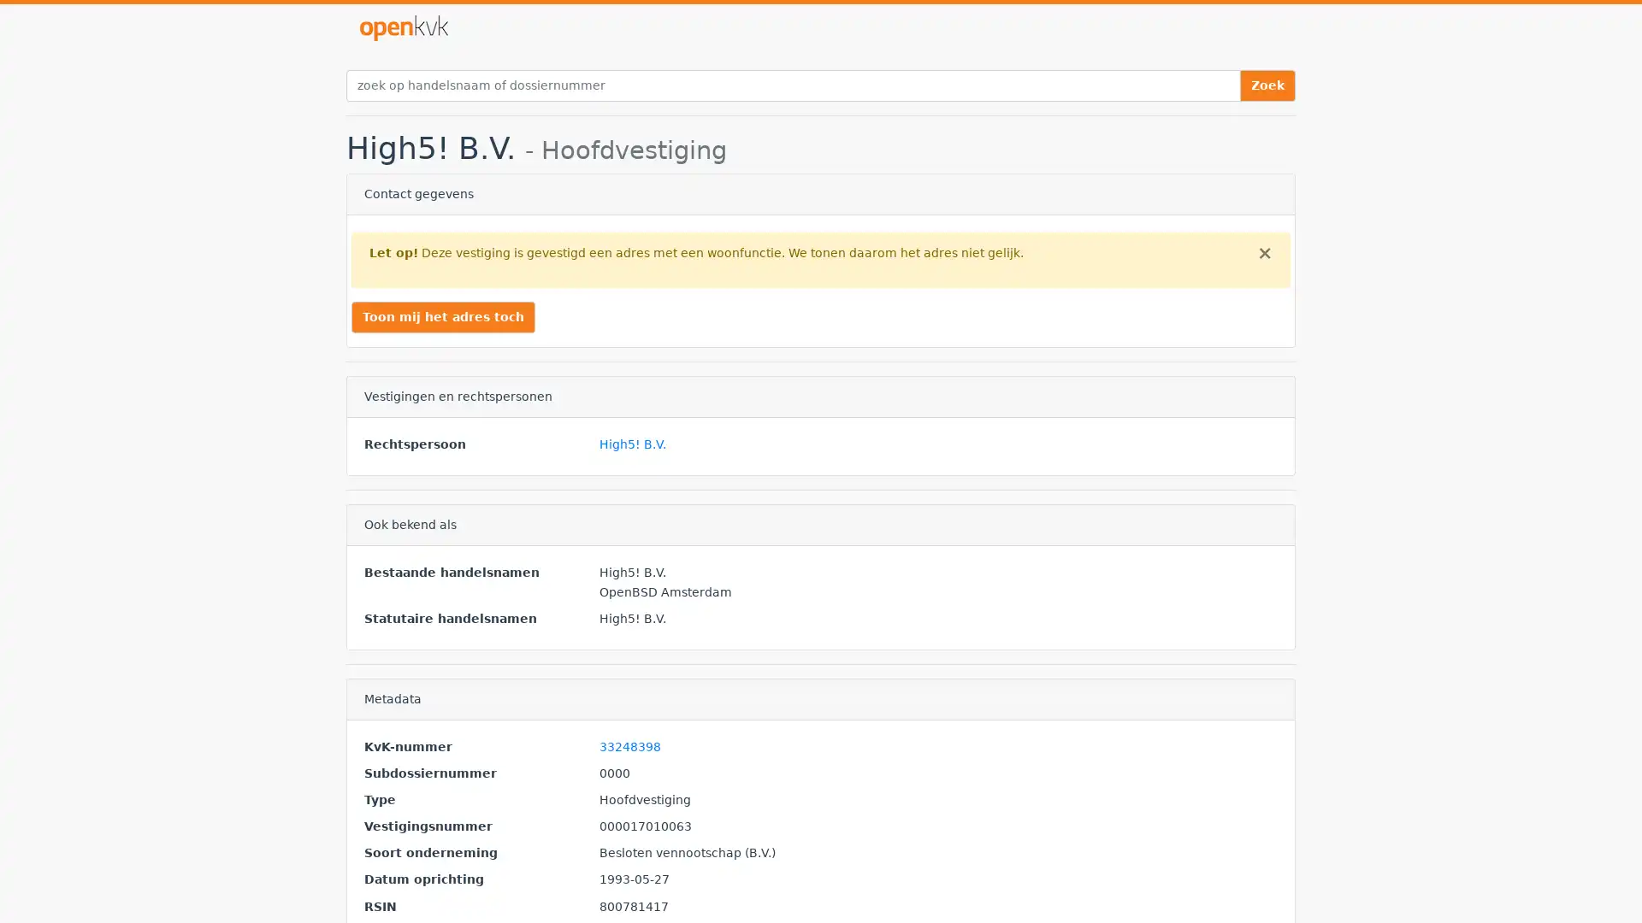 This screenshot has height=923, width=1642. Describe the element at coordinates (1264, 251) in the screenshot. I see `Close` at that location.